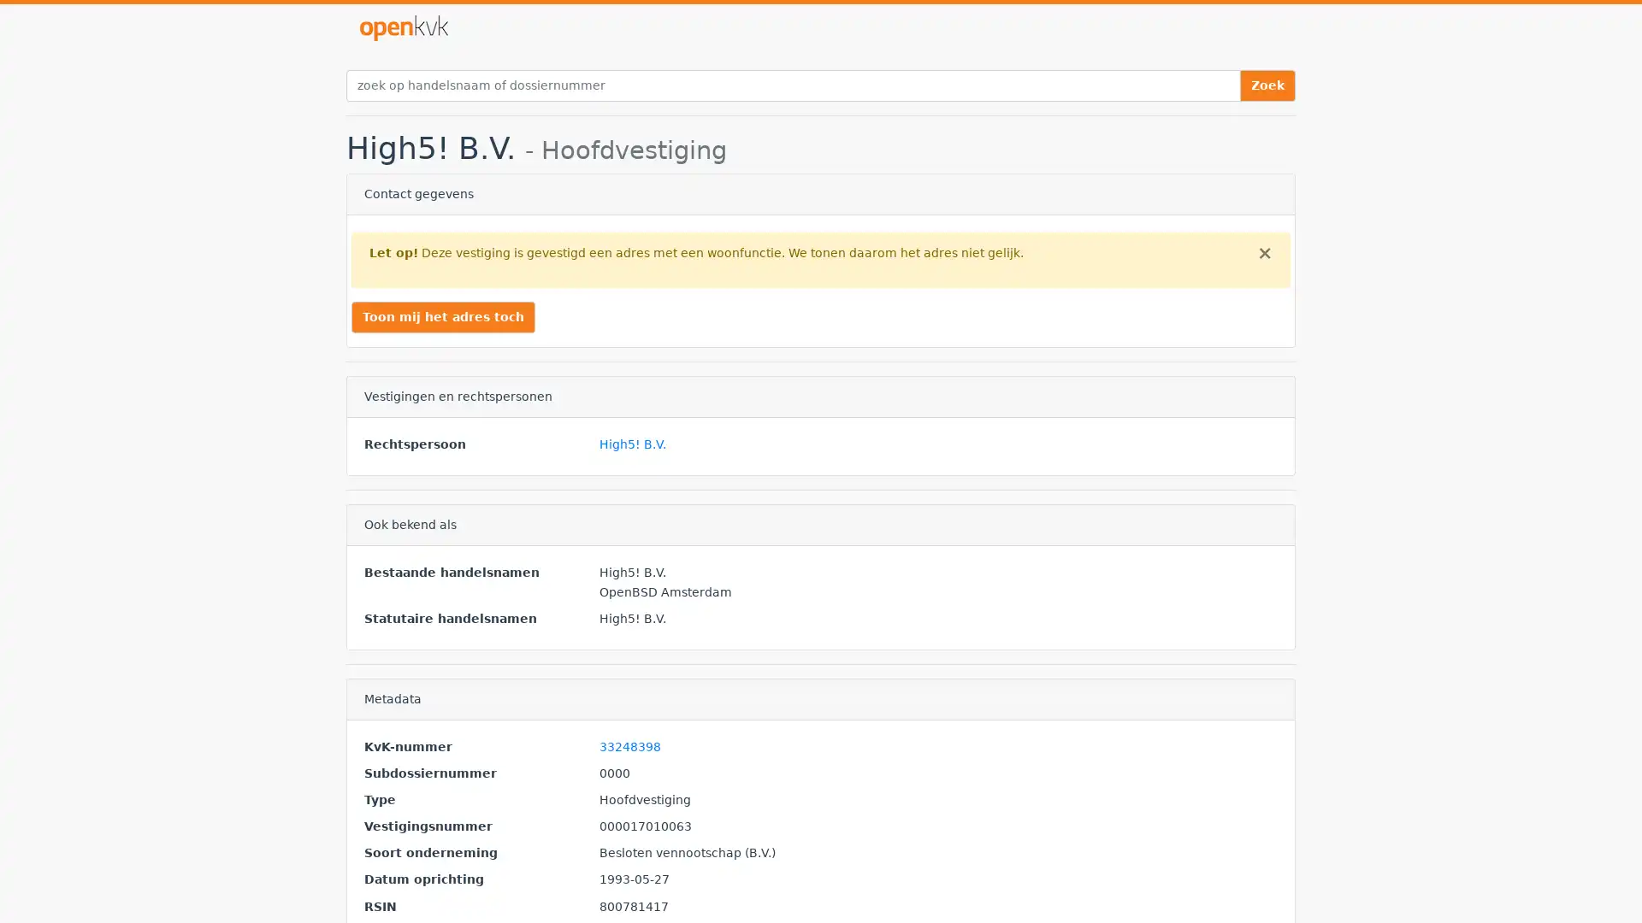 This screenshot has height=923, width=1642. Describe the element at coordinates (1264, 251) in the screenshot. I see `Close` at that location.